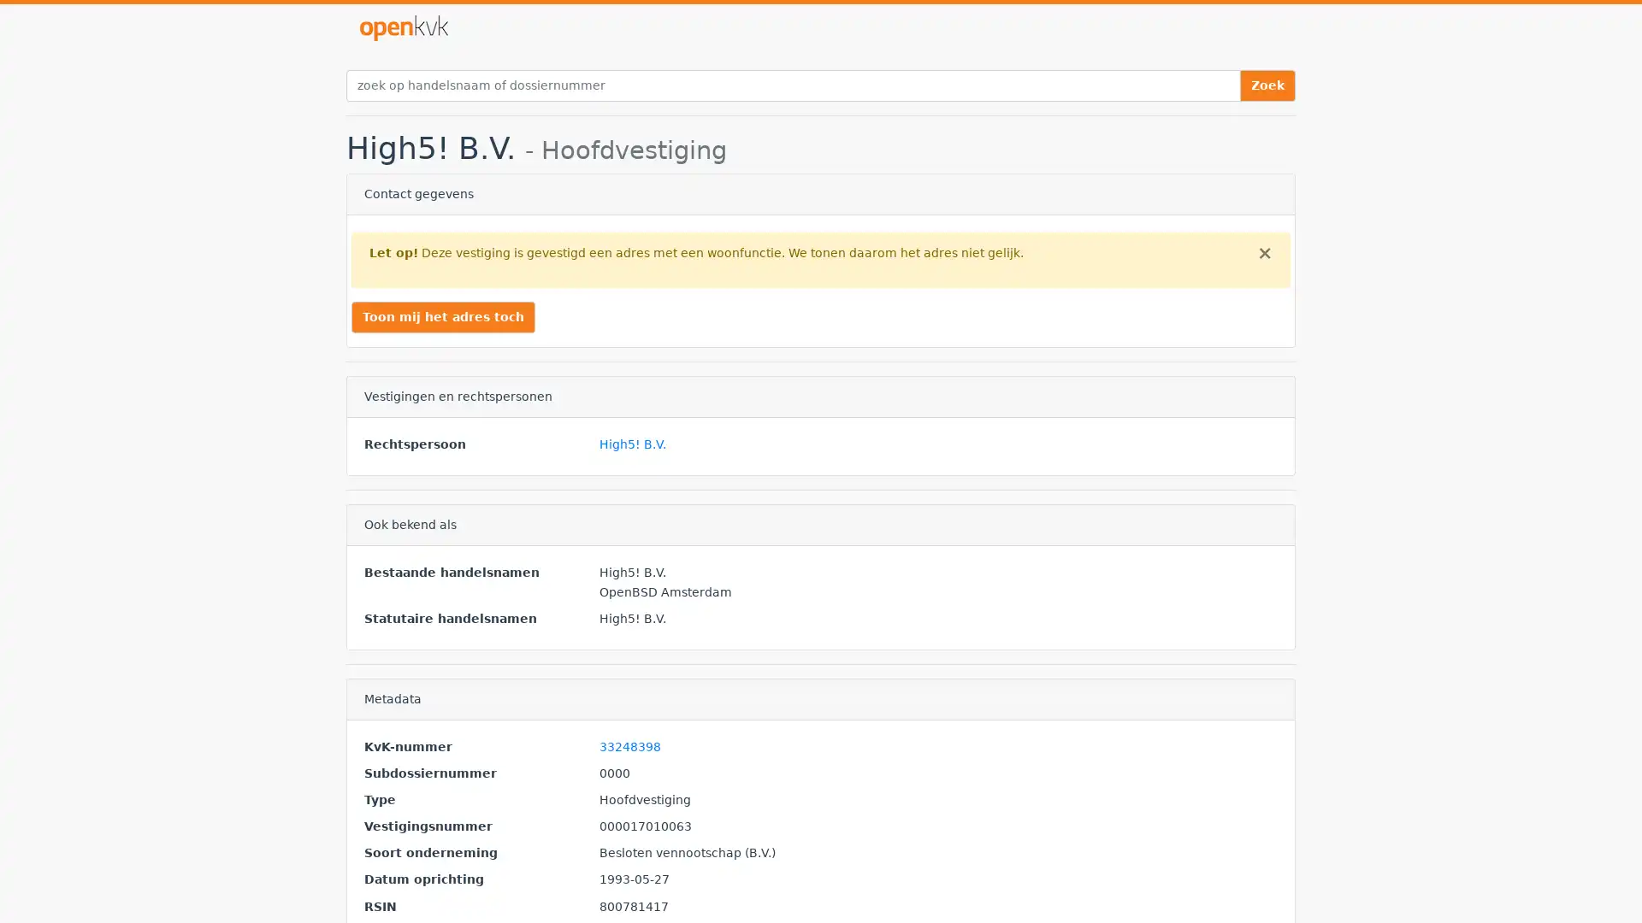 This screenshot has height=923, width=1642. Describe the element at coordinates (1264, 251) in the screenshot. I see `Close` at that location.